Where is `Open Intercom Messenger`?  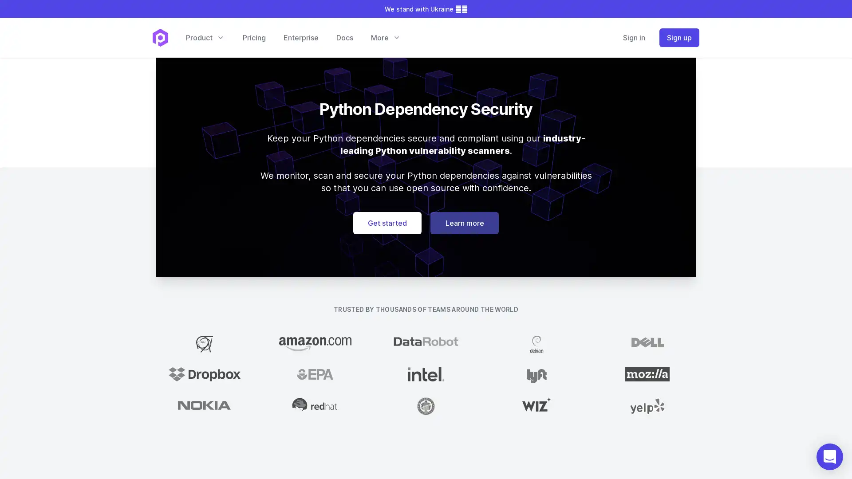
Open Intercom Messenger is located at coordinates (829, 456).